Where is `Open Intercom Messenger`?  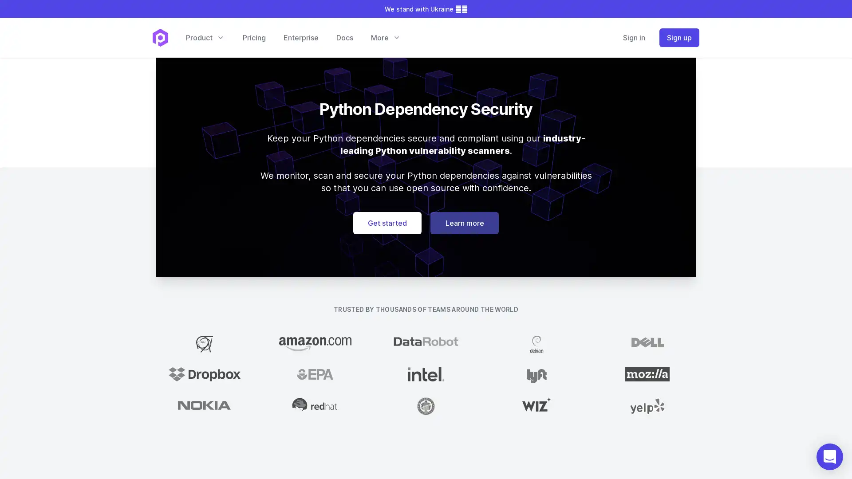
Open Intercom Messenger is located at coordinates (829, 456).